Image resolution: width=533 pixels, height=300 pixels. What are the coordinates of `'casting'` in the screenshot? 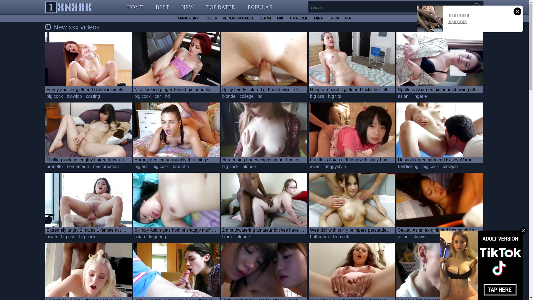 It's located at (93, 96).